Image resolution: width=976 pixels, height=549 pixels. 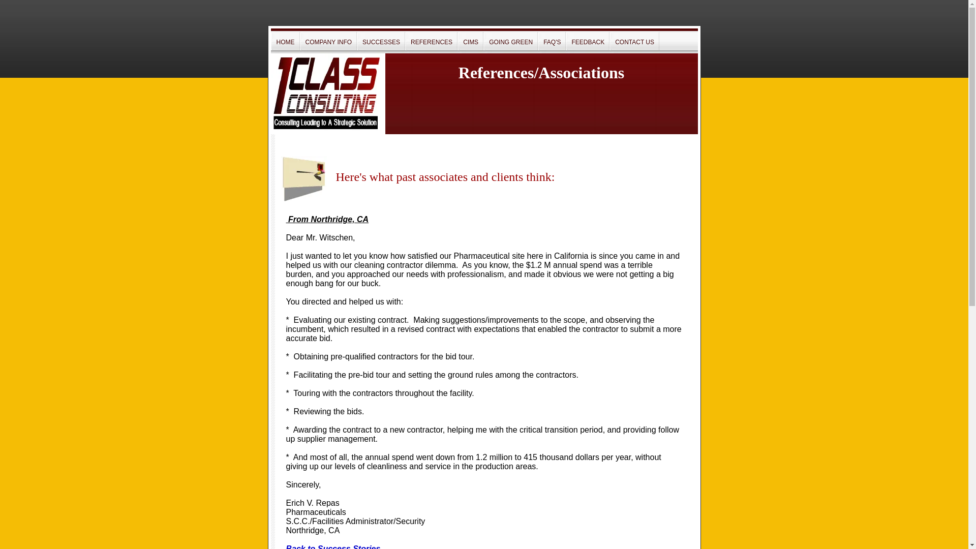 I want to click on 'SUCCESSES', so click(x=380, y=42).